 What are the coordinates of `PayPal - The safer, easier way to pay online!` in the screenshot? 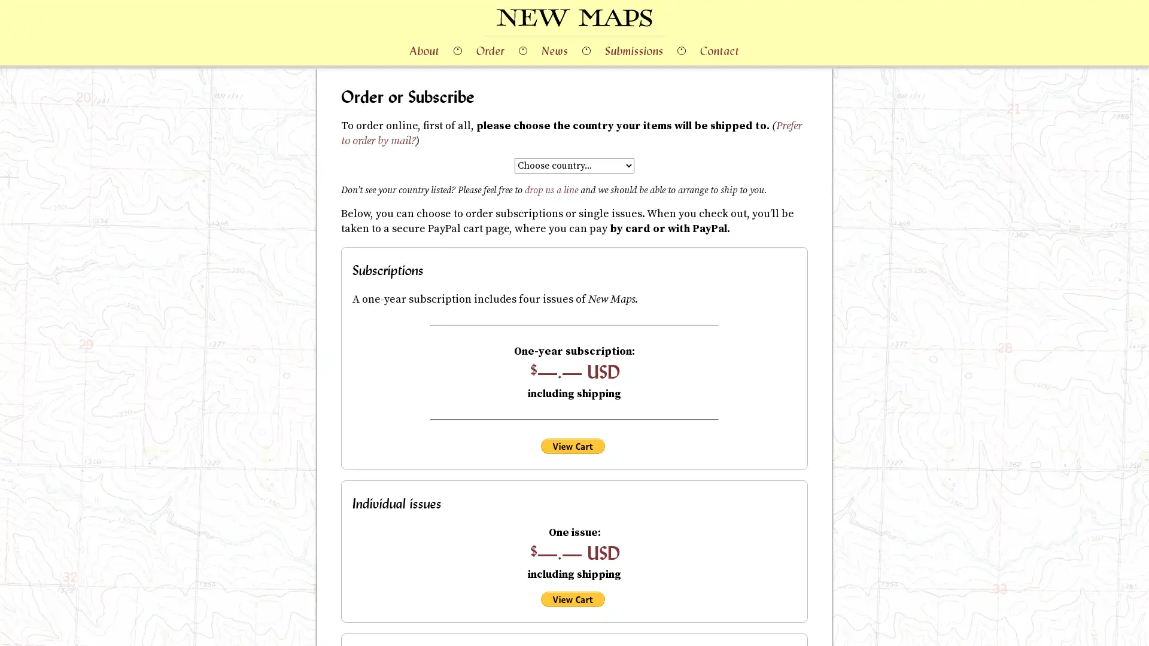 It's located at (572, 599).